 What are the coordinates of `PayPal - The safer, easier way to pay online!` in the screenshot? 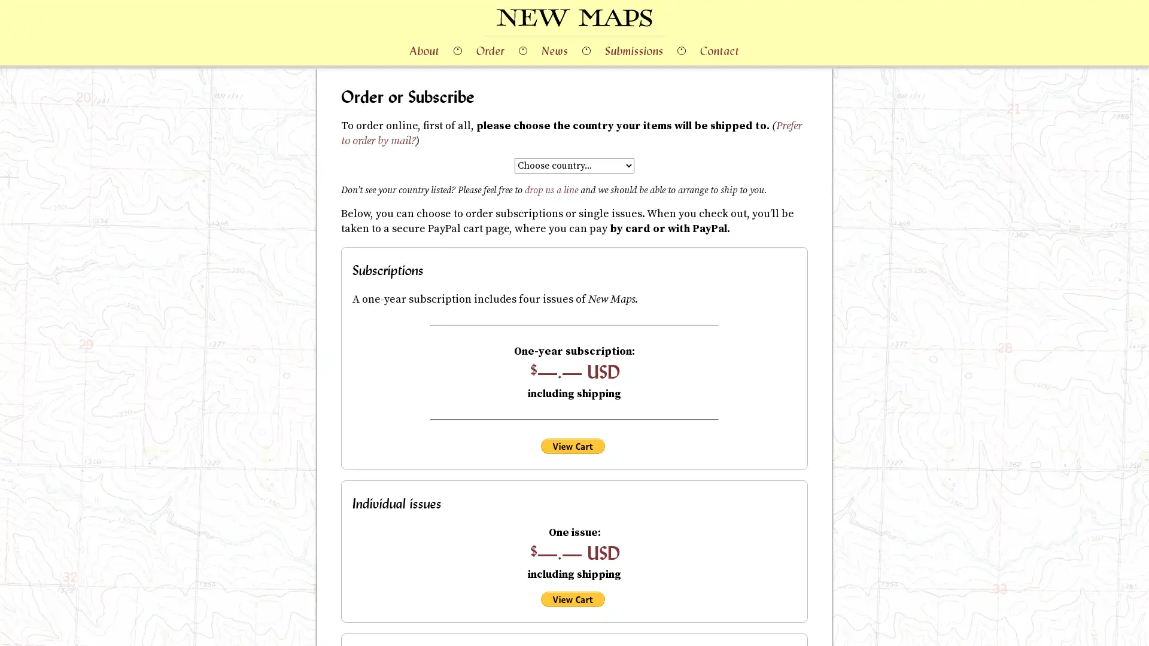 It's located at (572, 599).